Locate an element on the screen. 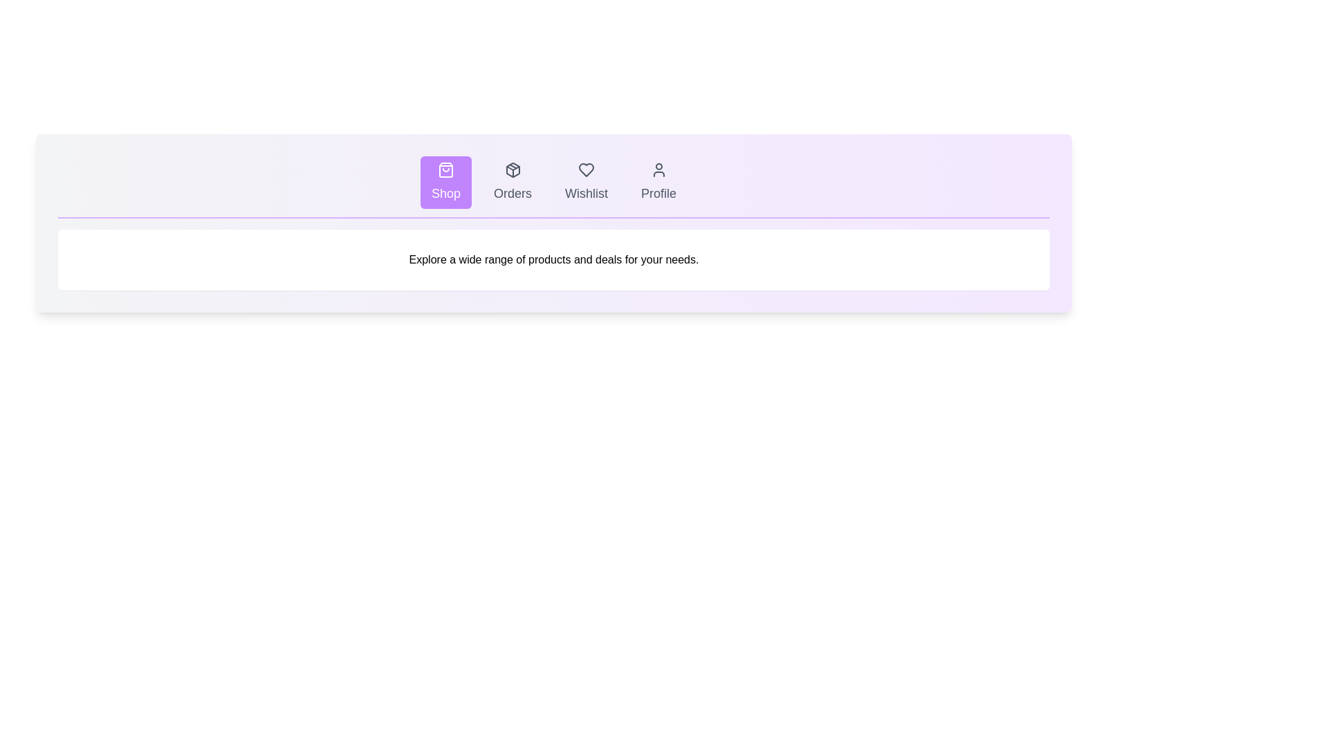  the tab corresponding to Orders by clicking on it is located at coordinates (511, 181).